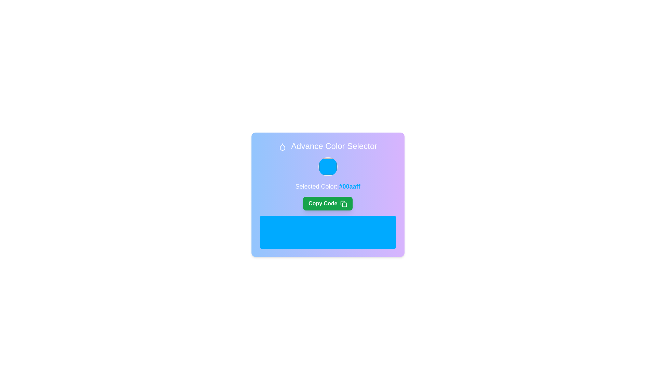  Describe the element at coordinates (282, 147) in the screenshot. I see `the decorative droplet icon located next to the 'Advance Color Selector' text in the top-left section of the card layout` at that location.